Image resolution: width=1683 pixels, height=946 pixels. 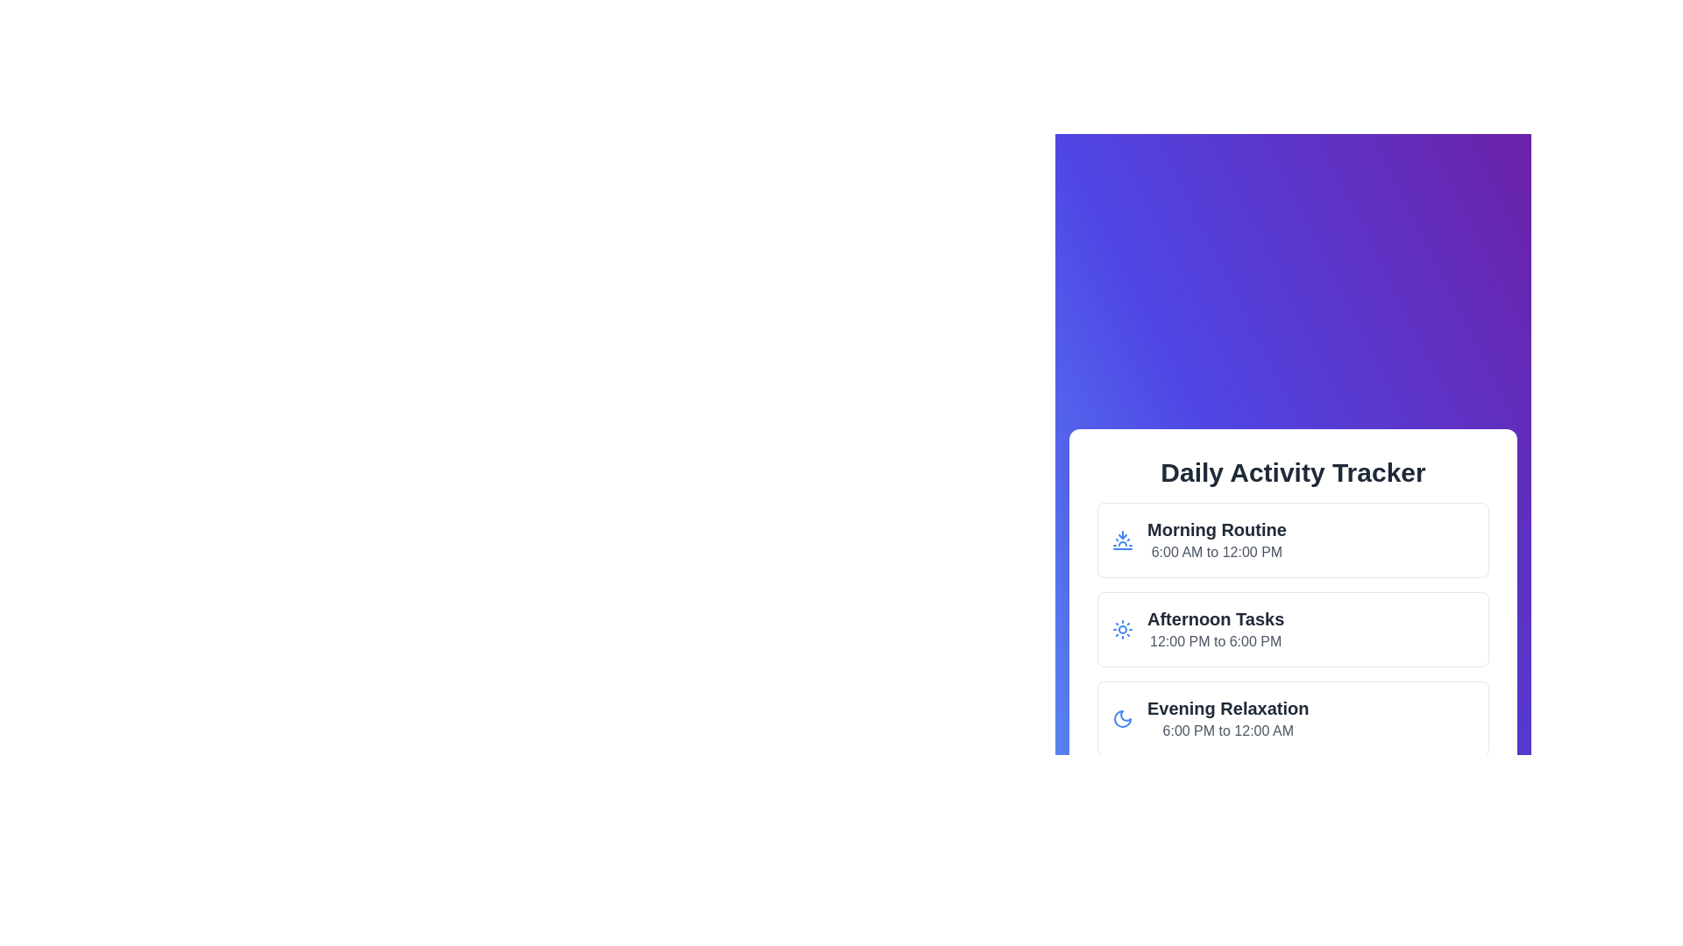 I want to click on the Text Label at the top of the card layout that serves as a descriptive title for the content within the card, so click(x=1293, y=473).